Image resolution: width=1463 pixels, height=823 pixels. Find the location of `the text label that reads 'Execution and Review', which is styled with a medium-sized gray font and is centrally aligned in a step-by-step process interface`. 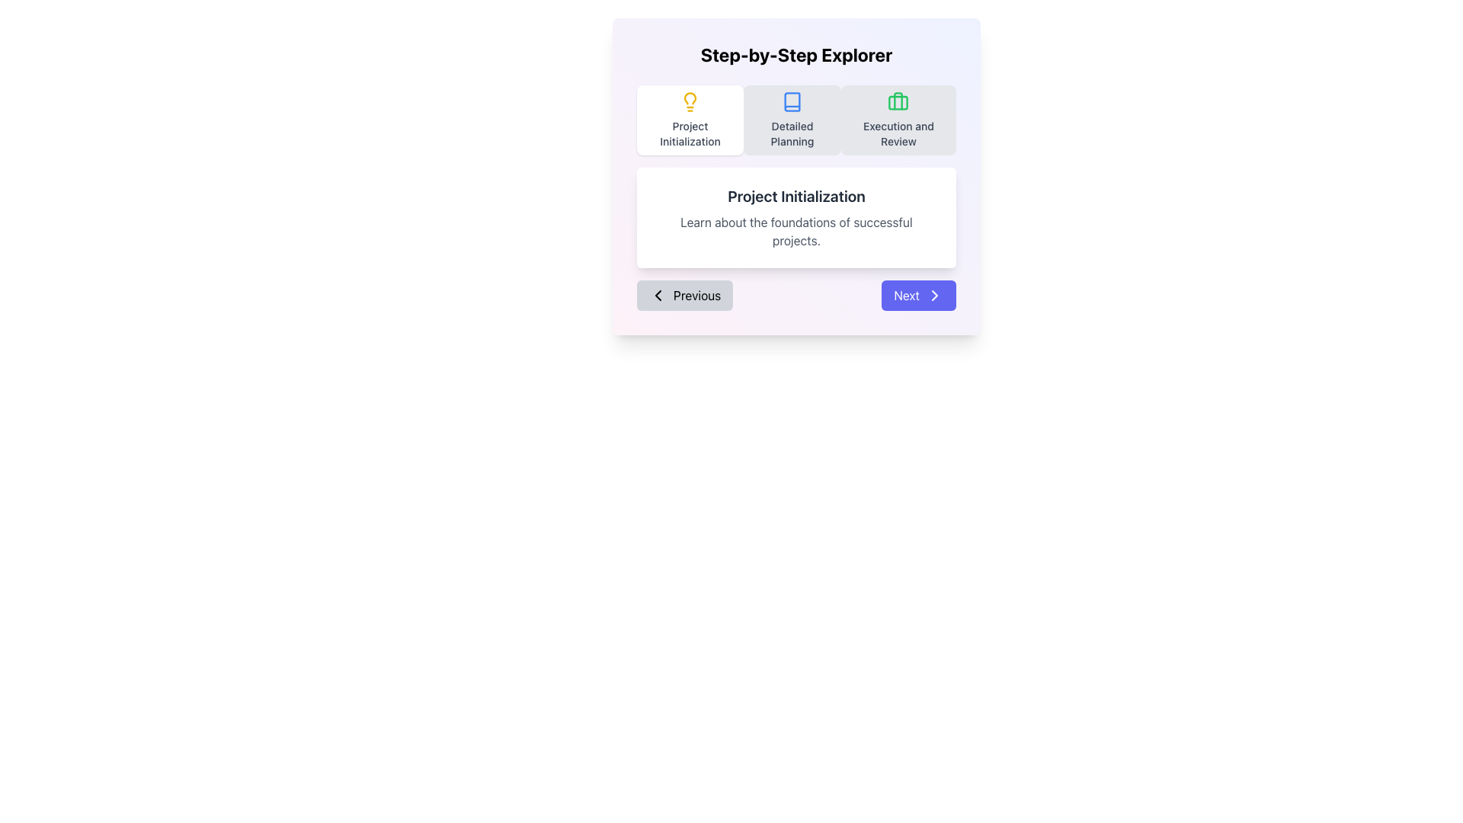

the text label that reads 'Execution and Review', which is styled with a medium-sized gray font and is centrally aligned in a step-by-step process interface is located at coordinates (898, 133).